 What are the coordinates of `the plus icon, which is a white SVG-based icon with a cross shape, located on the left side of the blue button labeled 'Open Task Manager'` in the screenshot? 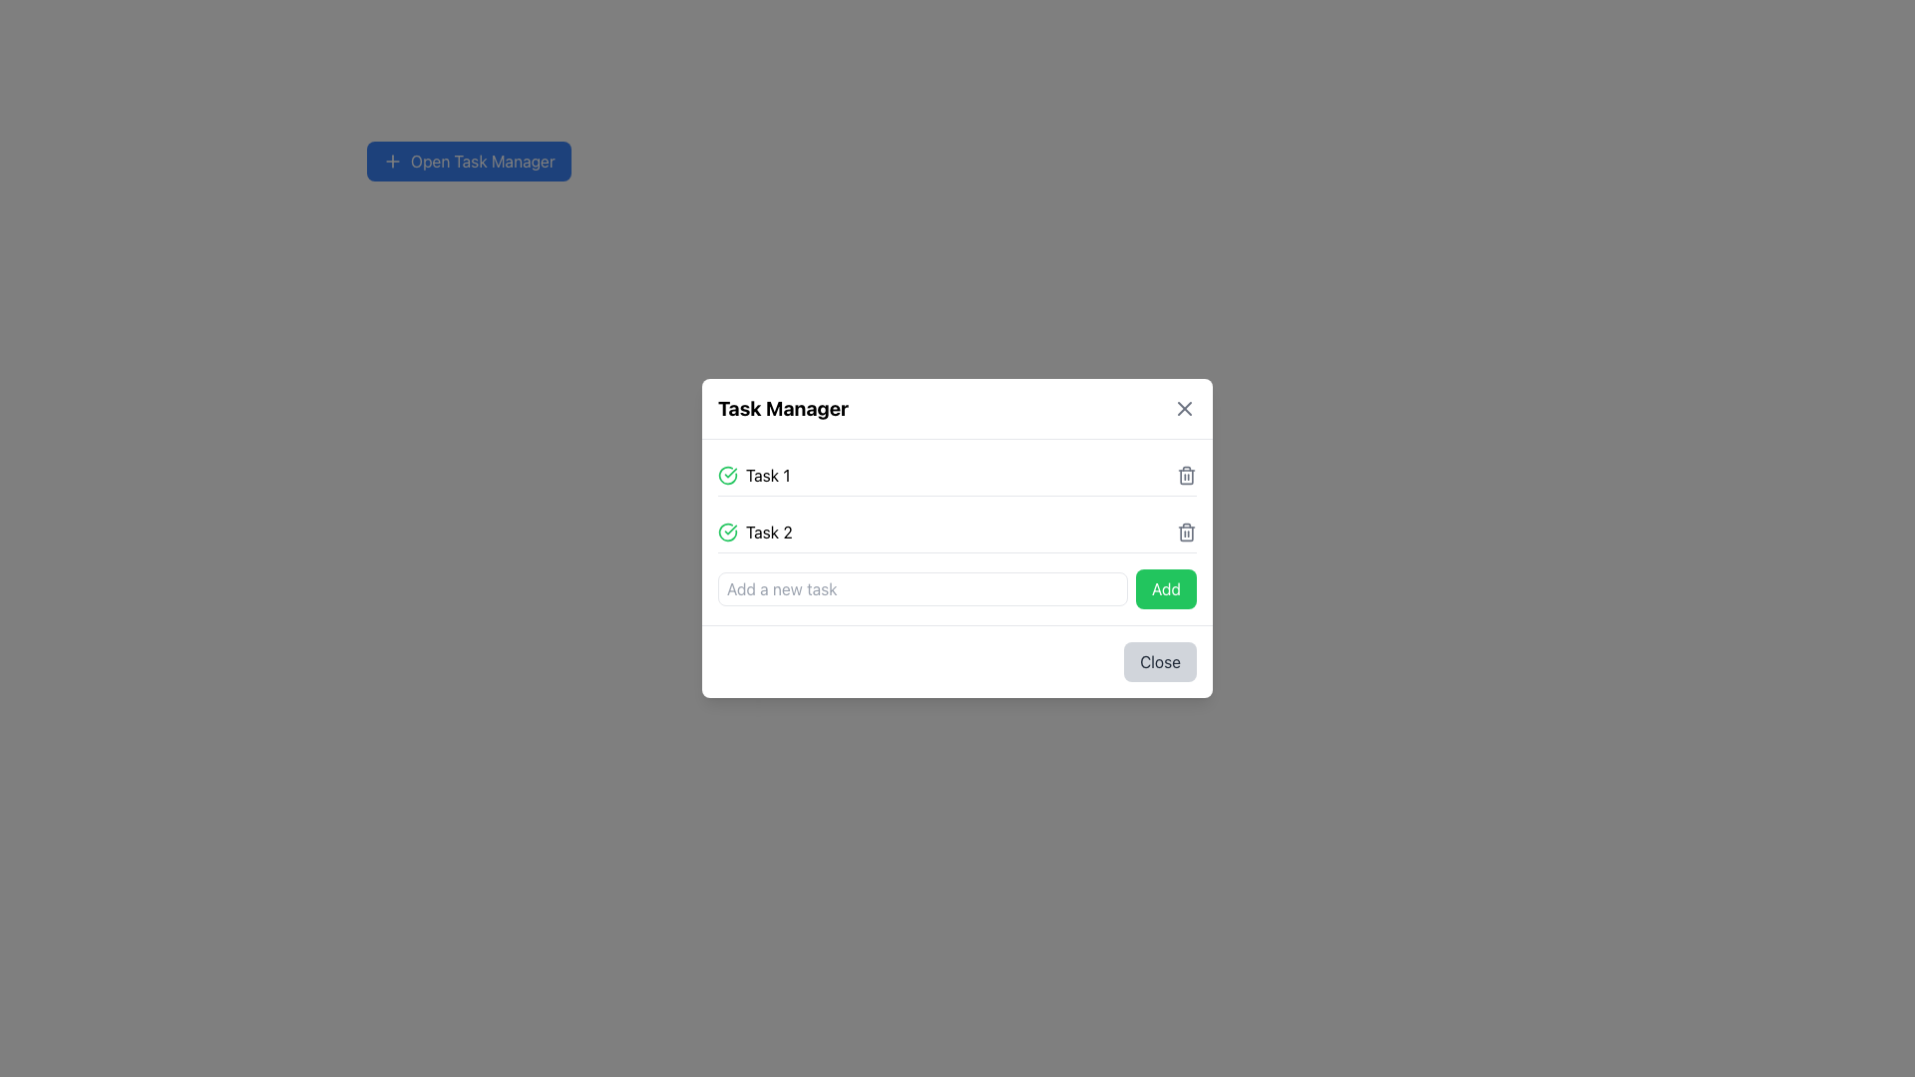 It's located at (392, 161).